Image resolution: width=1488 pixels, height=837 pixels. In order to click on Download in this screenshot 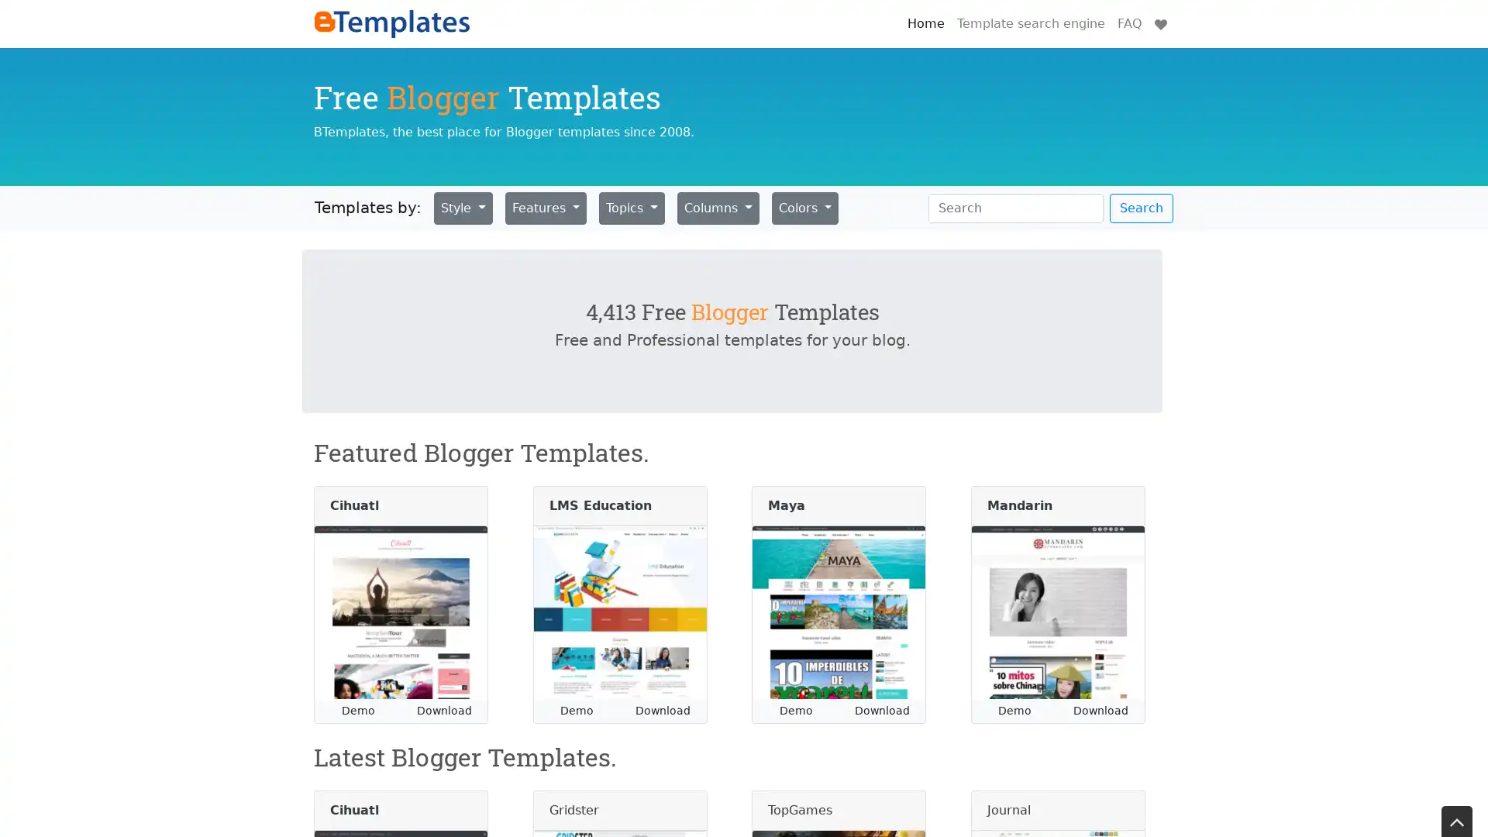, I will do `click(881, 710)`.